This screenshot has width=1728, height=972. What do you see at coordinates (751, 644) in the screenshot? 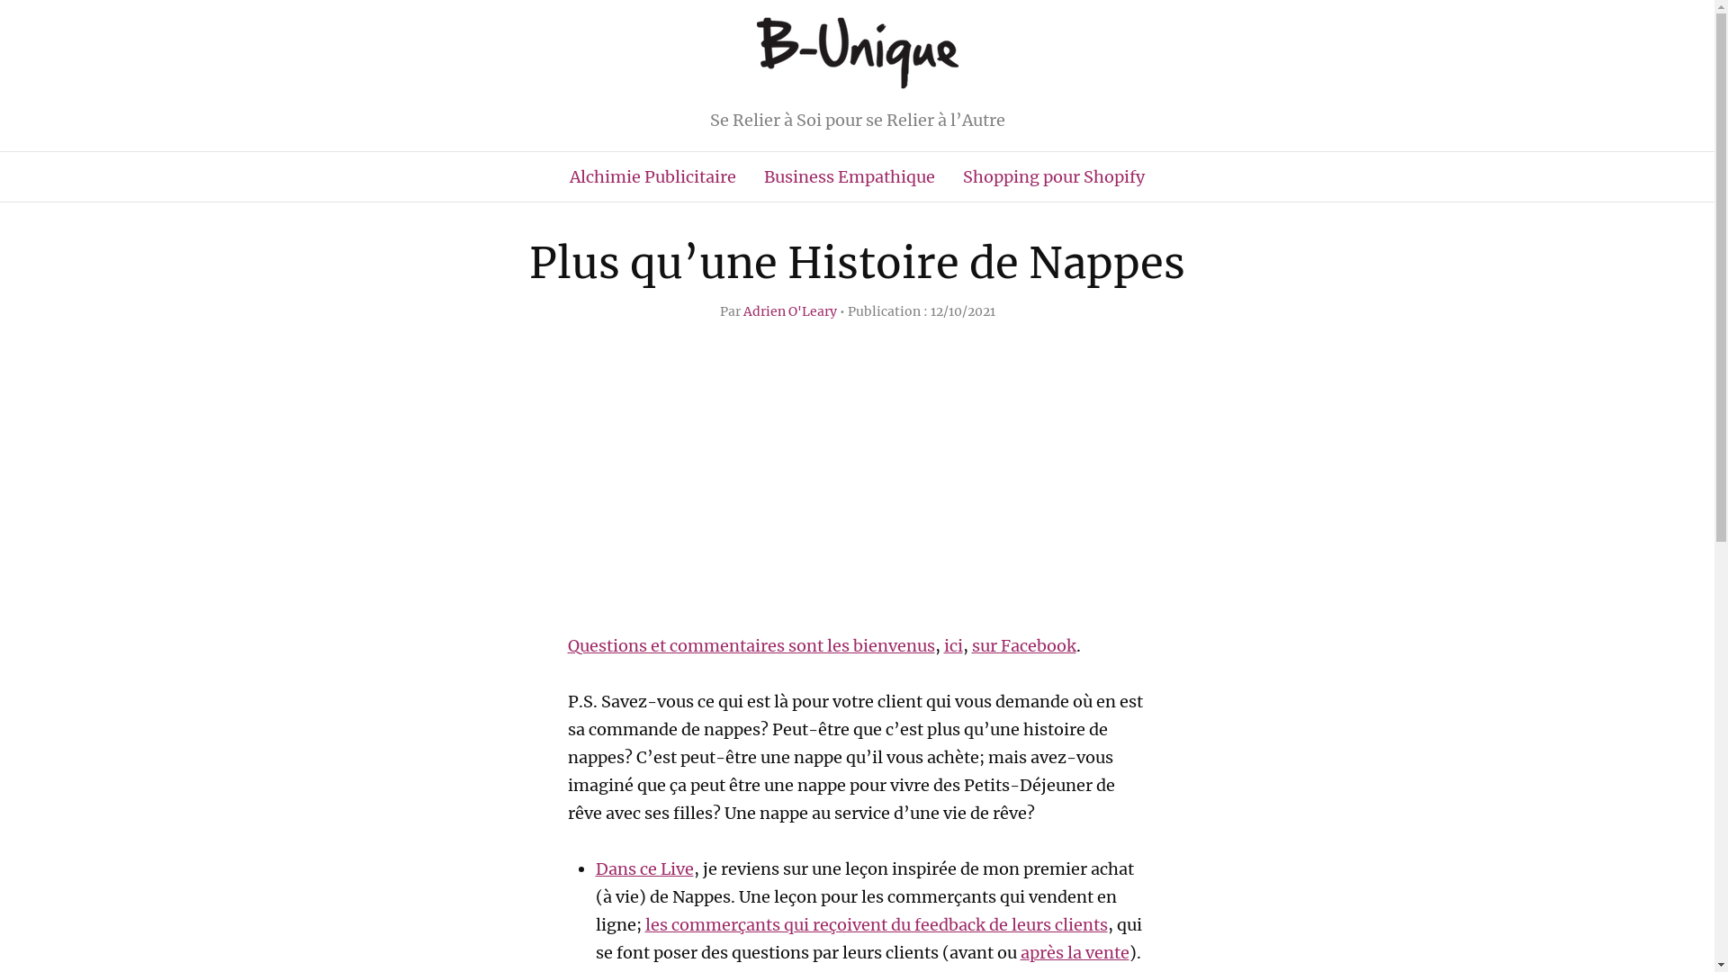
I see `'Questions et commentaires sont les bienvenus'` at bounding box center [751, 644].